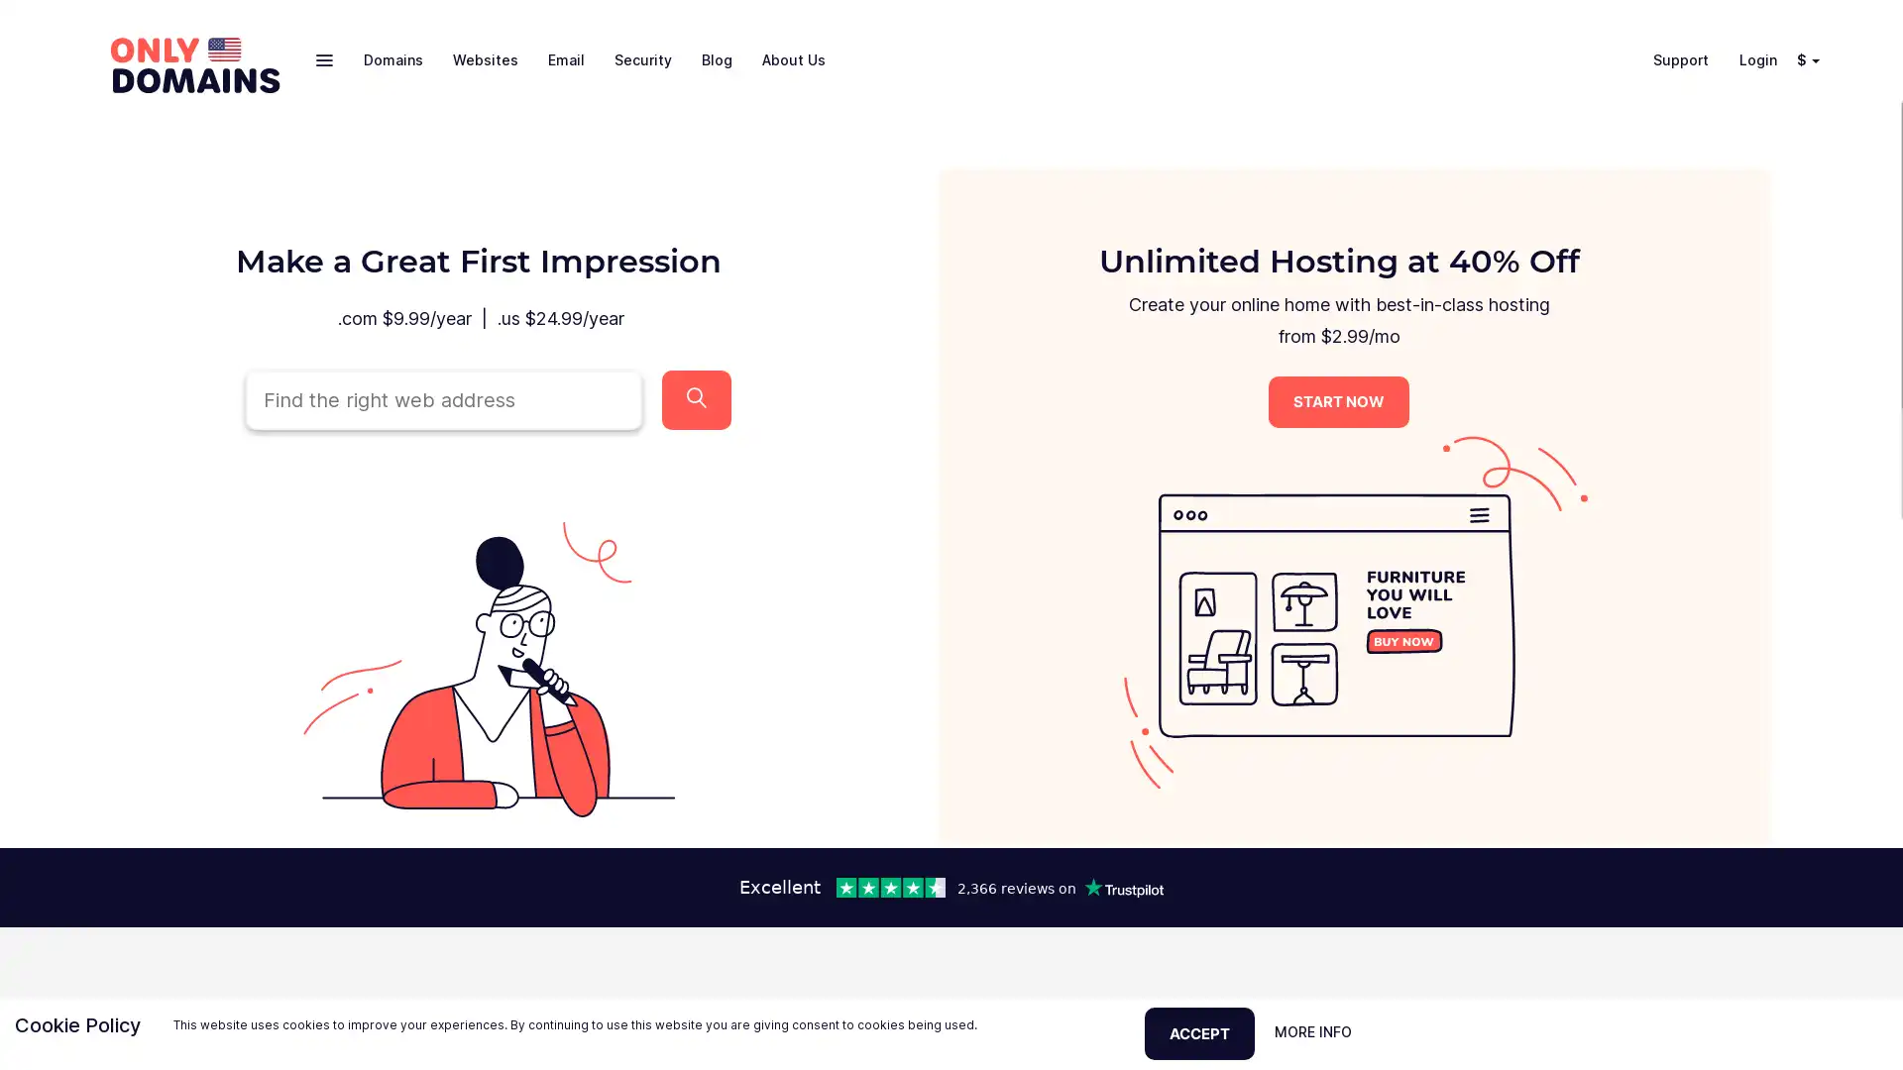 The height and width of the screenshot is (1070, 1903). Describe the element at coordinates (1338, 401) in the screenshot. I see `START NOW` at that location.